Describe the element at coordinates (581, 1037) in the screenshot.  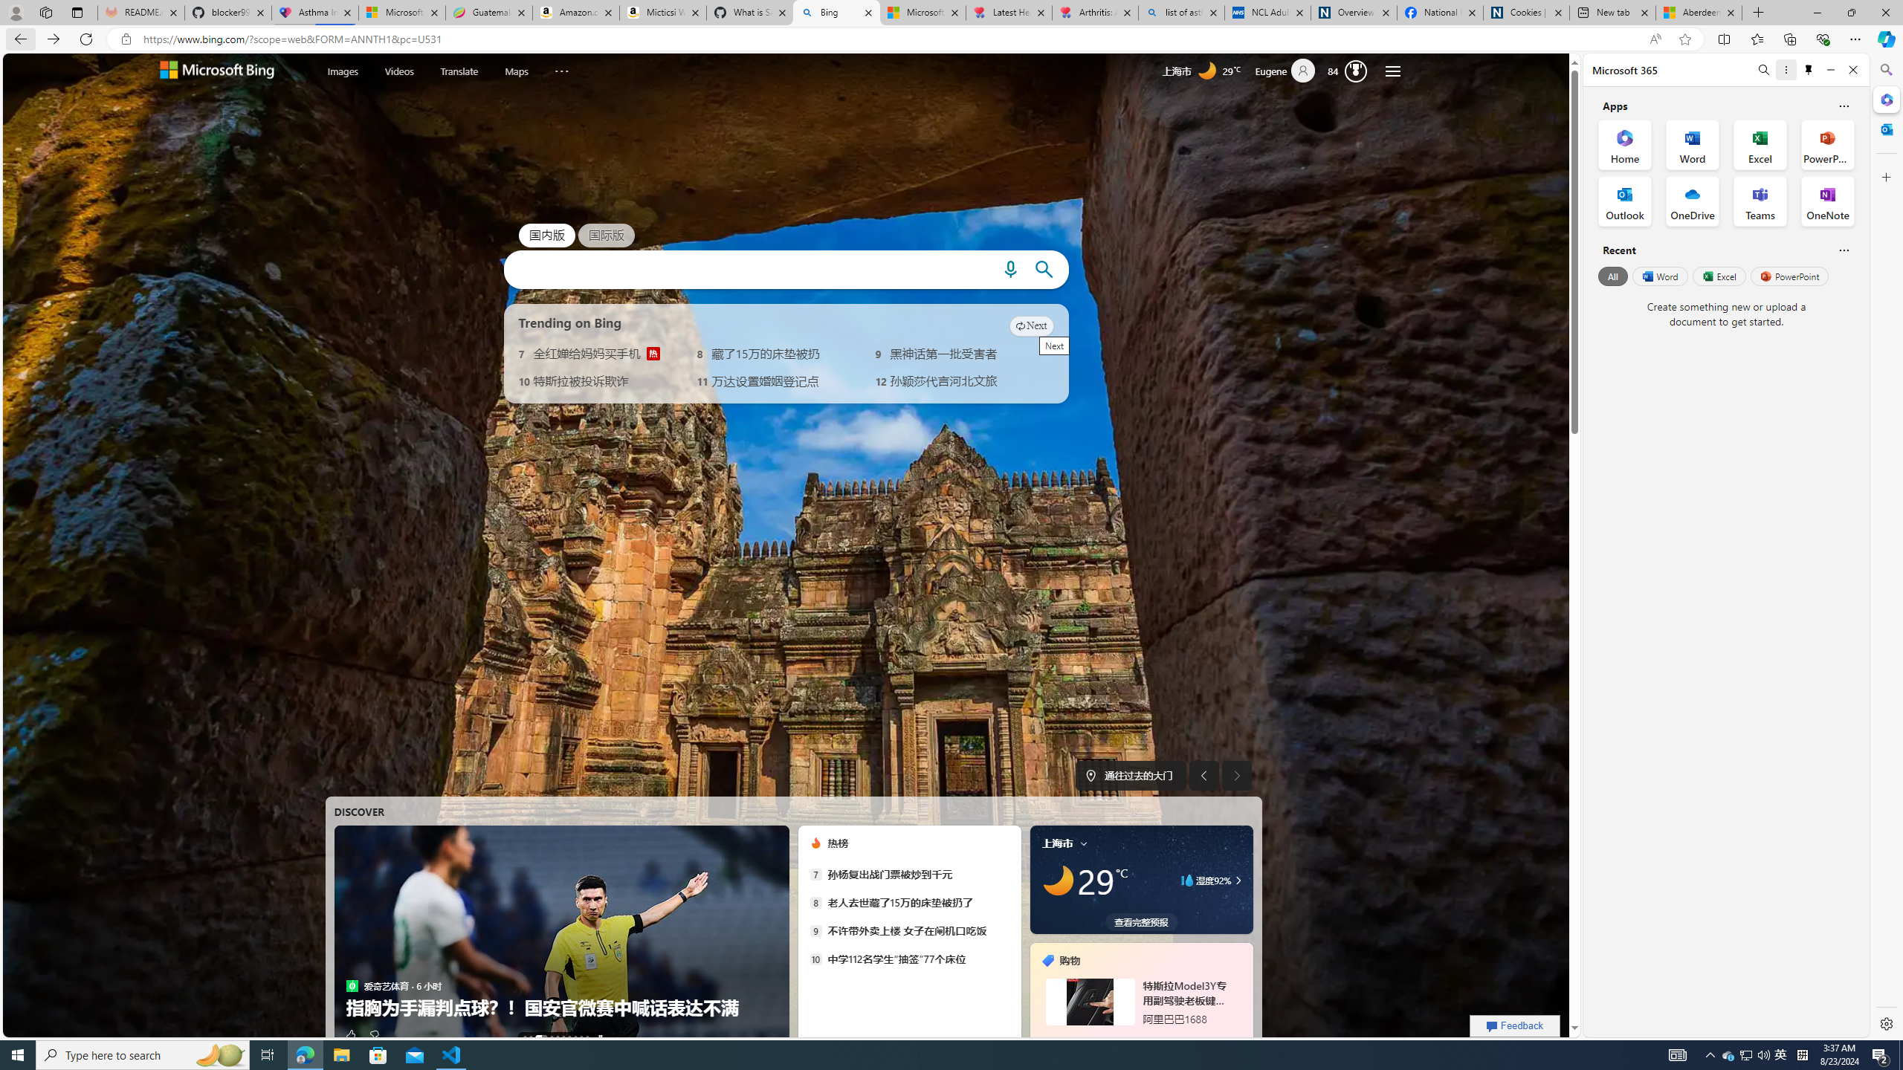
I see `'AutomationID: tab-8'` at that location.